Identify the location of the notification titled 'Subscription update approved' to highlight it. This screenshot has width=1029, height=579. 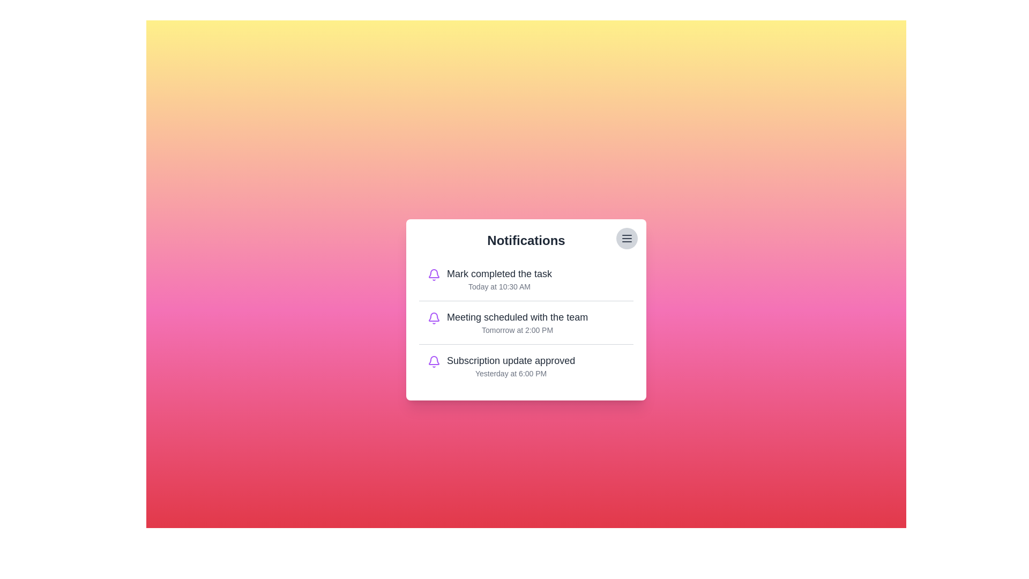
(526, 365).